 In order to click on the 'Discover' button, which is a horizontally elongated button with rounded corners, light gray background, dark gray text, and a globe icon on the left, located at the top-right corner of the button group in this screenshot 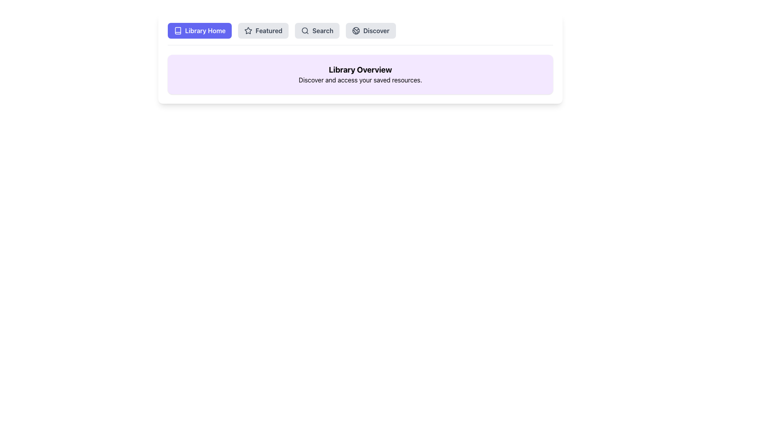, I will do `click(370, 30)`.